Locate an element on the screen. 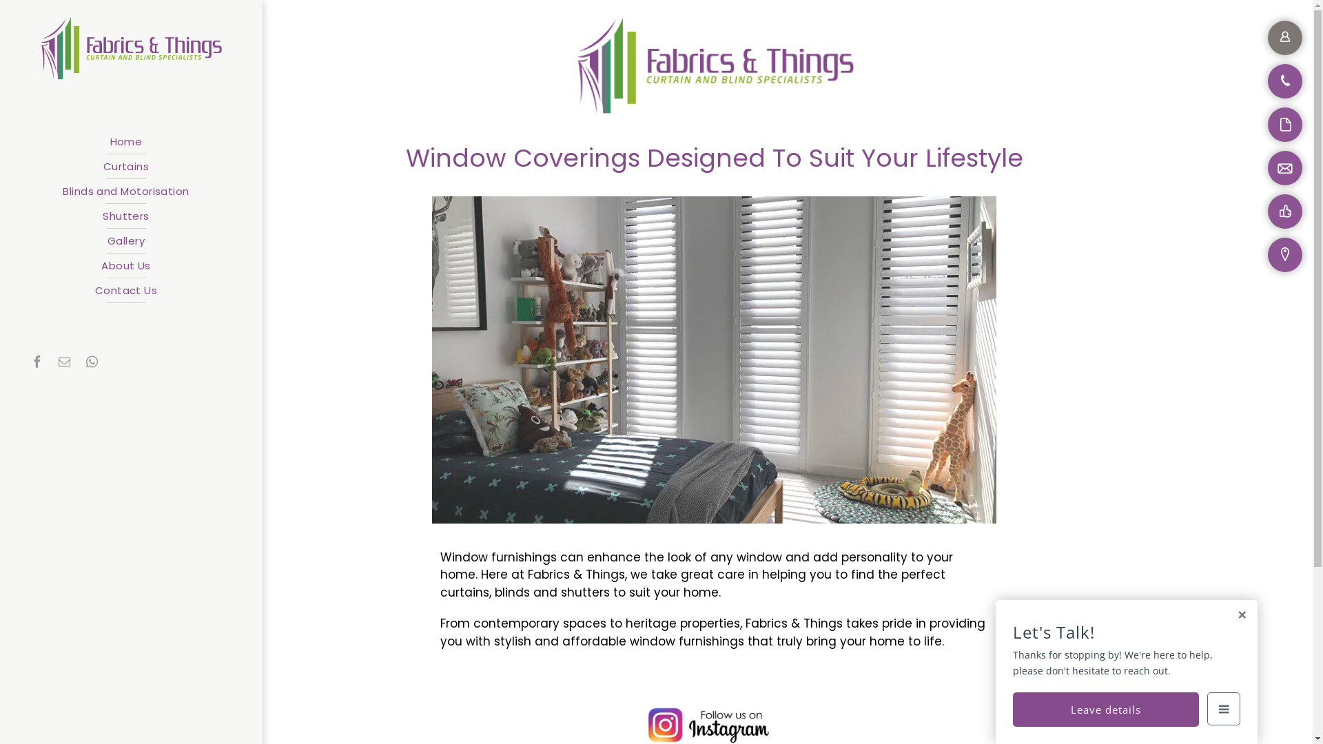 The image size is (1323, 744). 'About Us' is located at coordinates (125, 265).